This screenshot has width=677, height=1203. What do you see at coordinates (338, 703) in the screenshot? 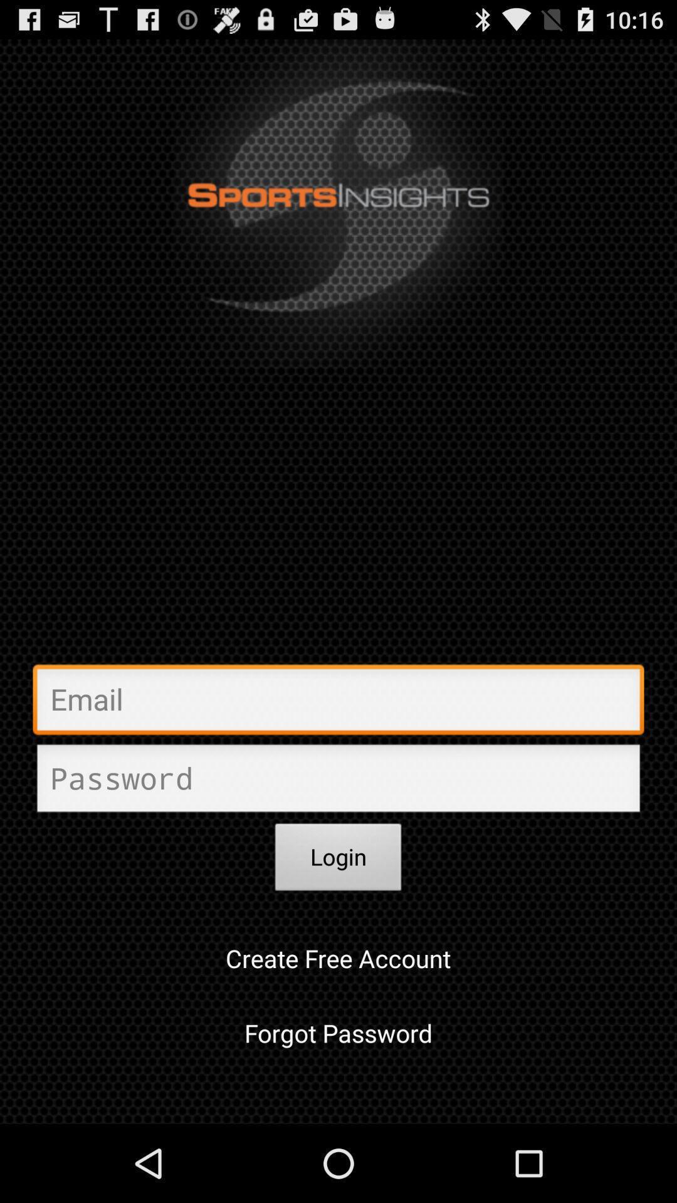
I see `the email` at bounding box center [338, 703].